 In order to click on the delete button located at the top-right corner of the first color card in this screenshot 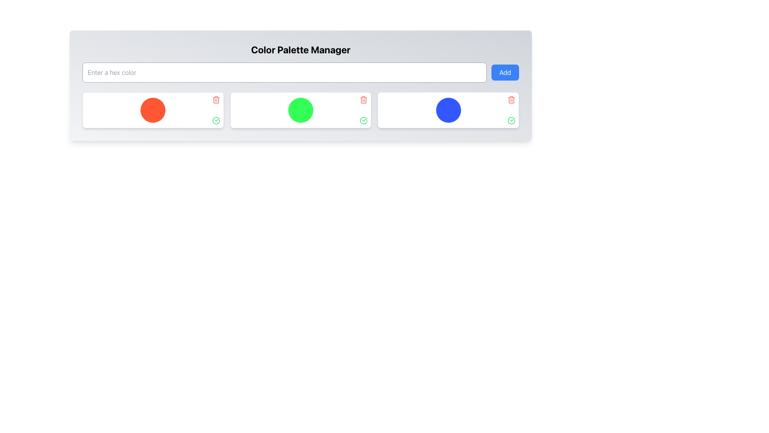, I will do `click(216, 99)`.